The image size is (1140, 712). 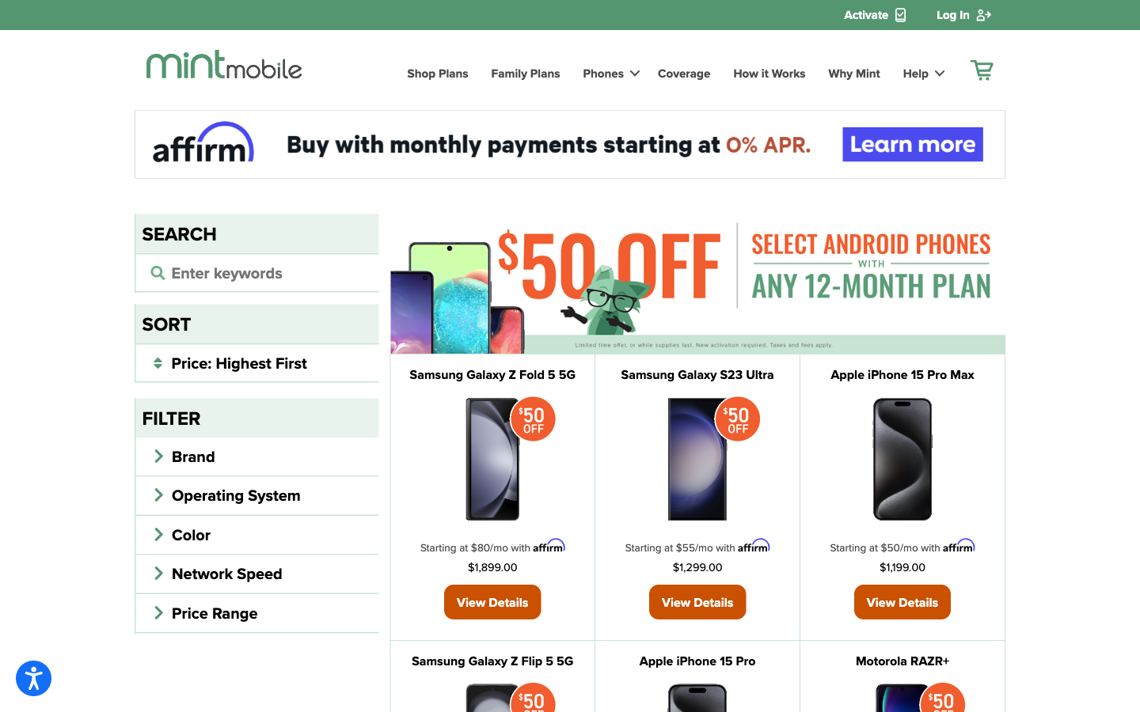 What do you see at coordinates (256, 271) in the screenshot?
I see `Retrieve all Samsung phone listings` at bounding box center [256, 271].